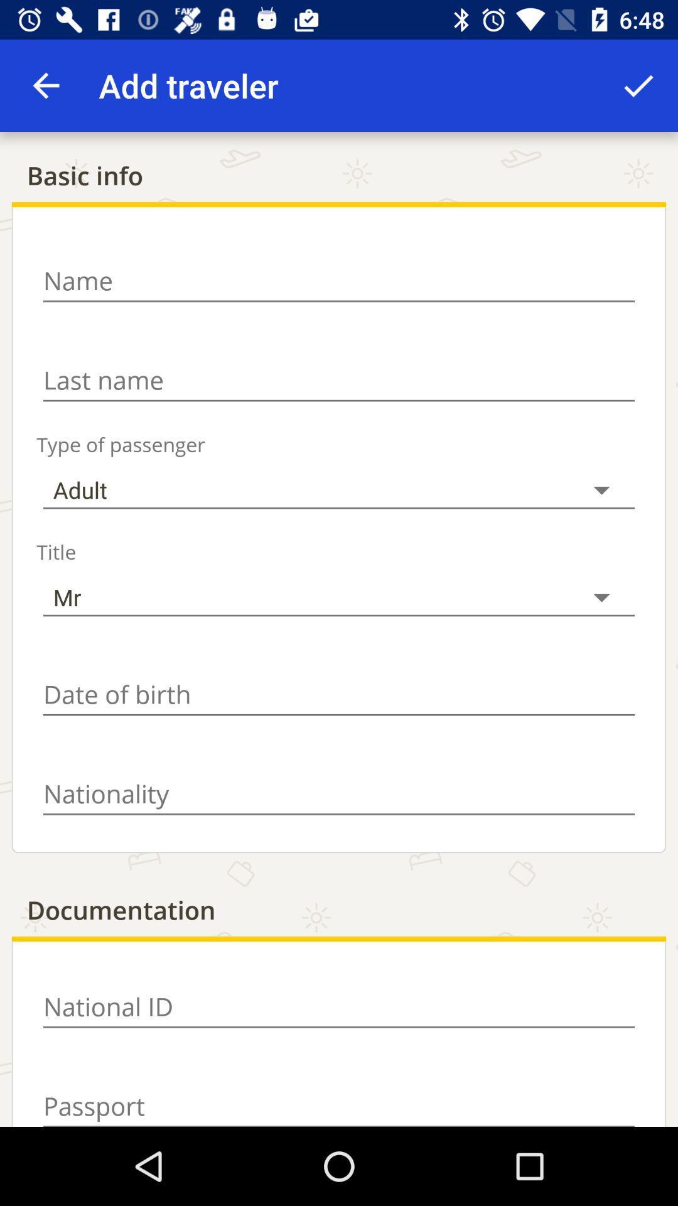 The height and width of the screenshot is (1206, 678). What do you see at coordinates (45, 85) in the screenshot?
I see `app next to add traveler` at bounding box center [45, 85].